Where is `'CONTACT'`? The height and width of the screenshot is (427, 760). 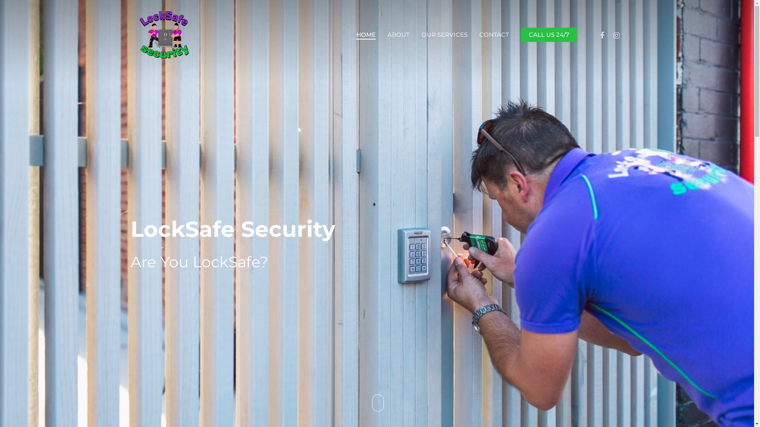 'CONTACT' is located at coordinates (494, 34).